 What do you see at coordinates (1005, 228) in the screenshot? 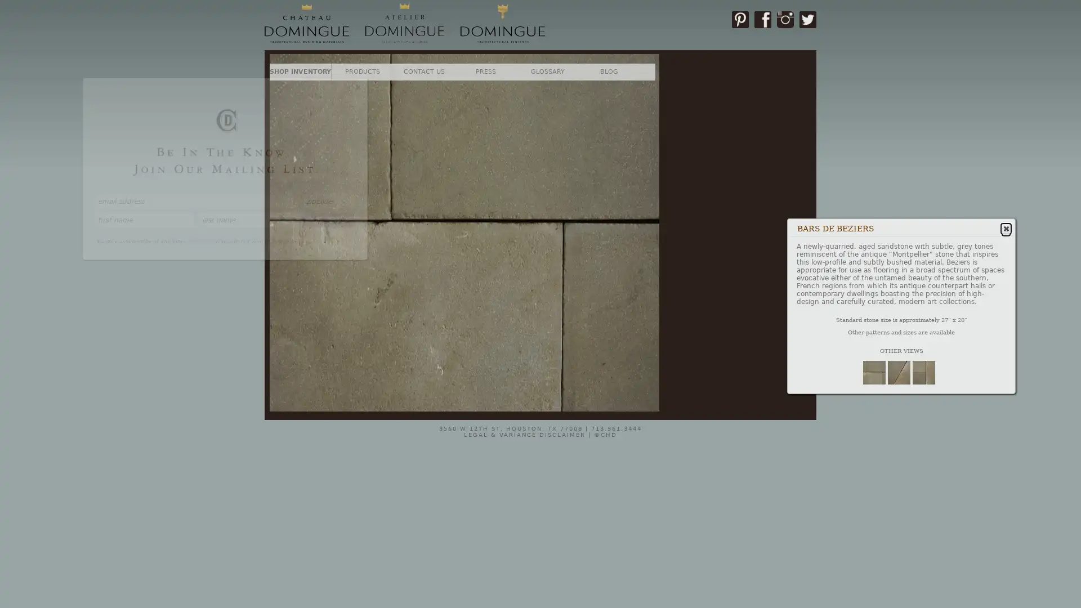
I see `Close` at bounding box center [1005, 228].